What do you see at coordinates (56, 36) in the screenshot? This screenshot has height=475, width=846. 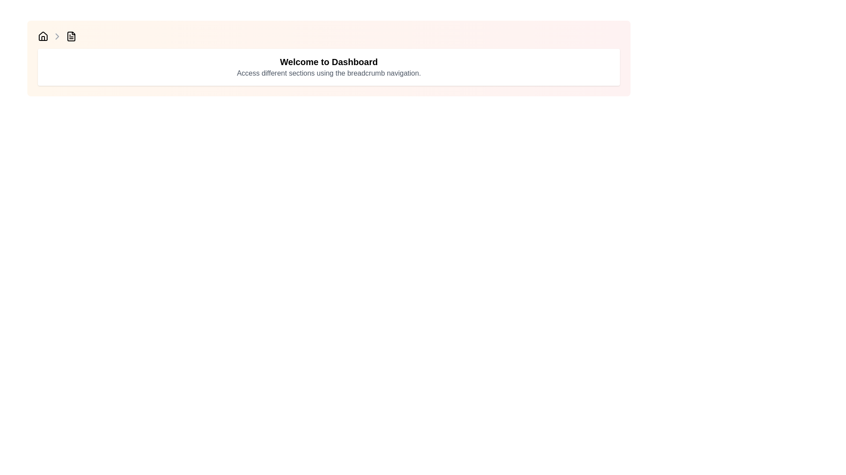 I see `the right-facing chevron icon, which is gray and styled with a line stroke` at bounding box center [56, 36].